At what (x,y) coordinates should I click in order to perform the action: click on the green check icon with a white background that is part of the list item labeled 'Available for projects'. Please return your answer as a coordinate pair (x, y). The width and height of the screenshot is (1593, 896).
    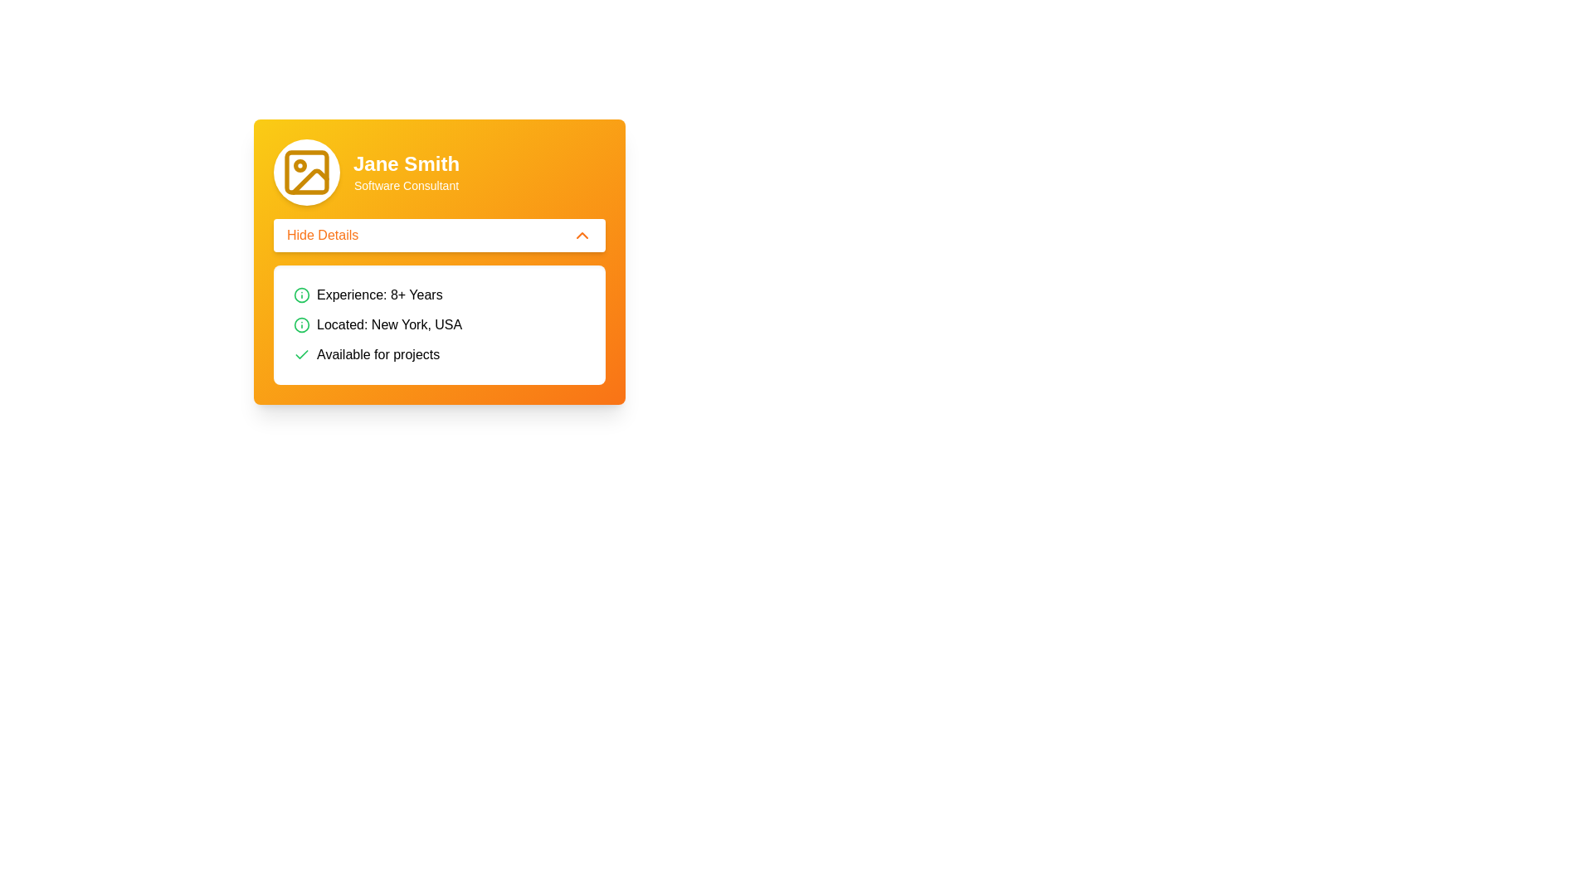
    Looking at the image, I should click on (302, 354).